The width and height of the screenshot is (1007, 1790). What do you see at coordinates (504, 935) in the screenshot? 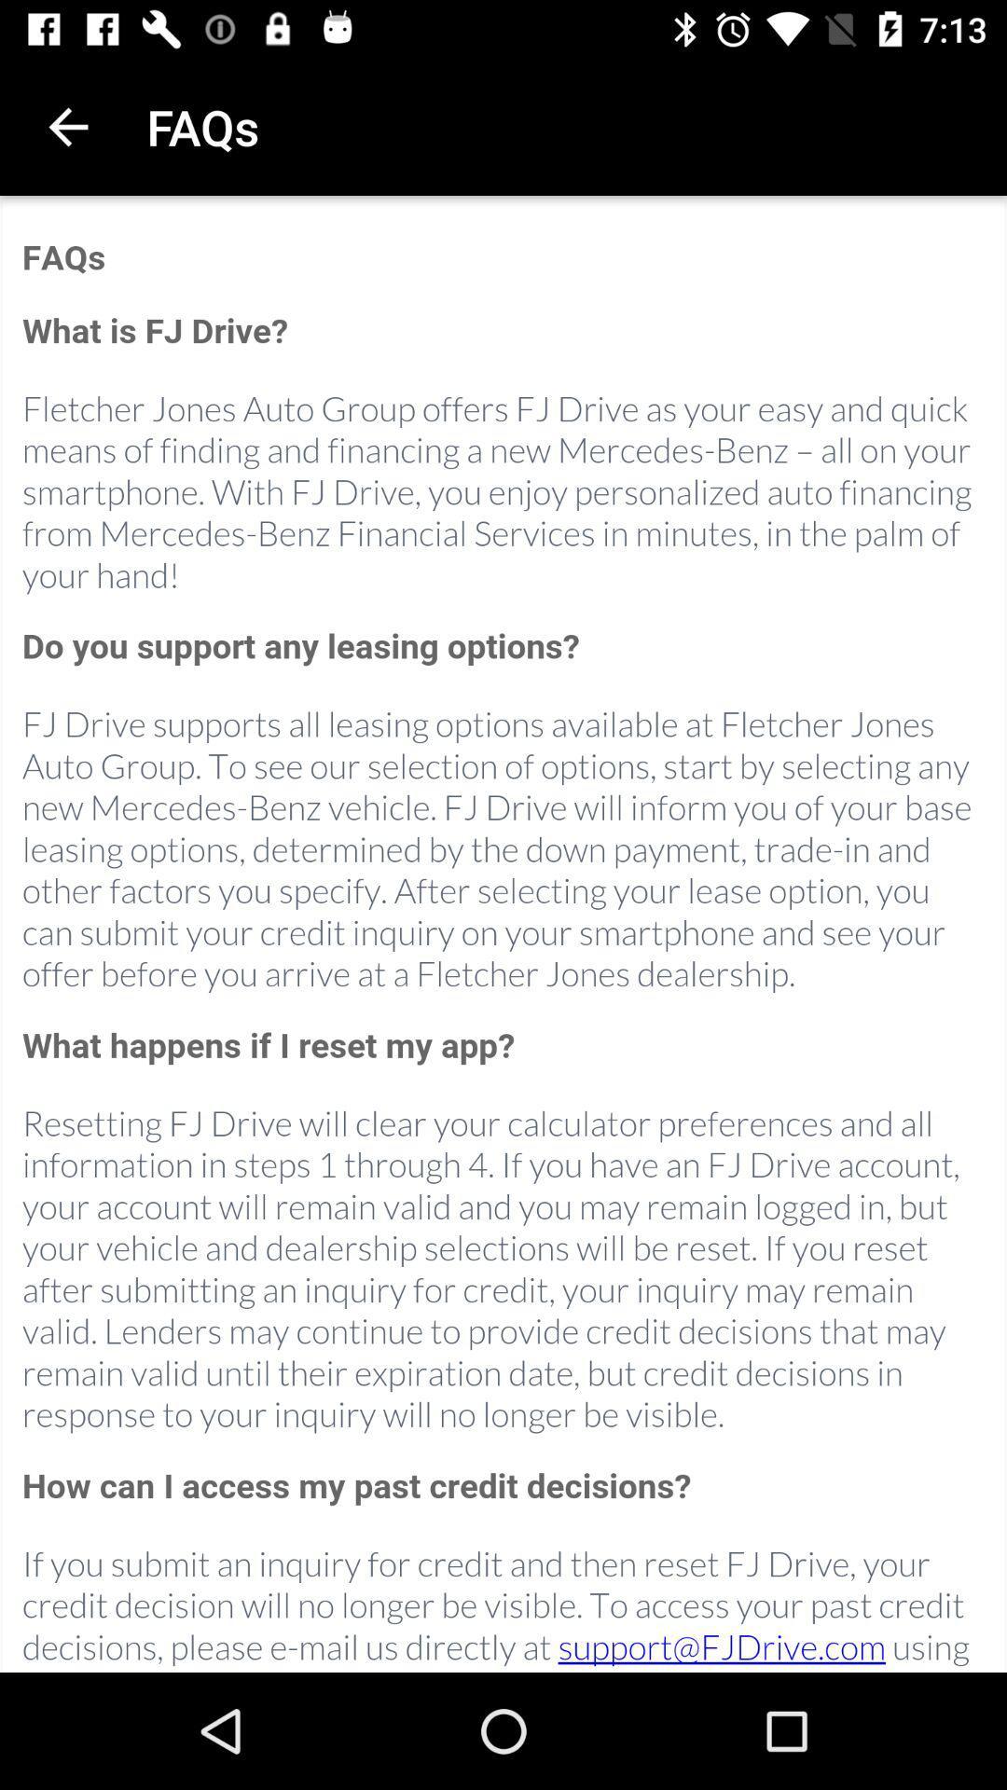
I see `browse the faqs` at bounding box center [504, 935].